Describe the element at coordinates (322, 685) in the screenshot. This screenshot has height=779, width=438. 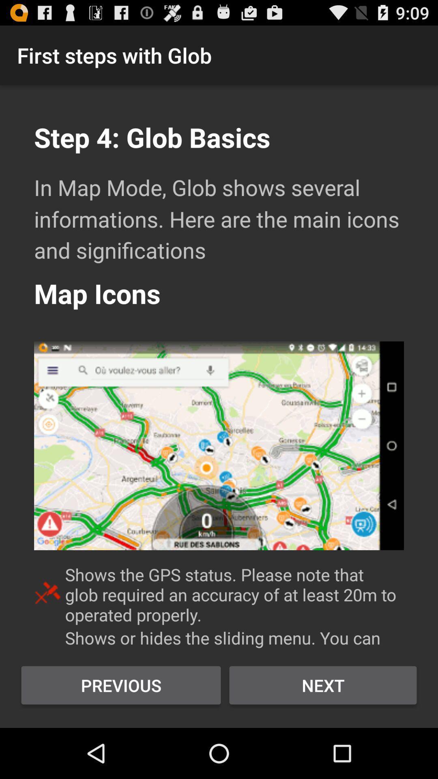
I see `the item below the shows or hides` at that location.